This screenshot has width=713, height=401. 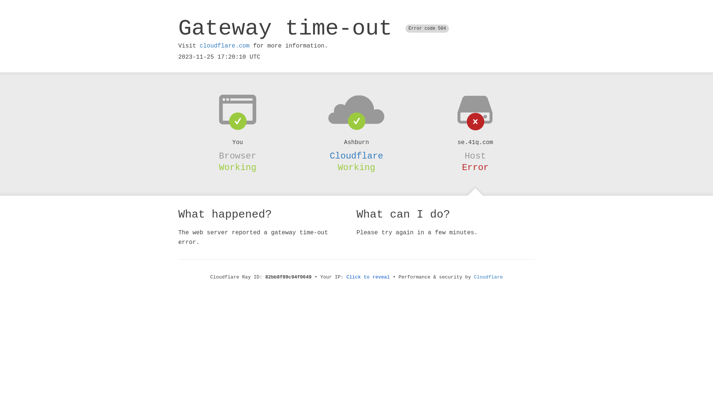 I want to click on 'Cloudflare', so click(x=356, y=156).